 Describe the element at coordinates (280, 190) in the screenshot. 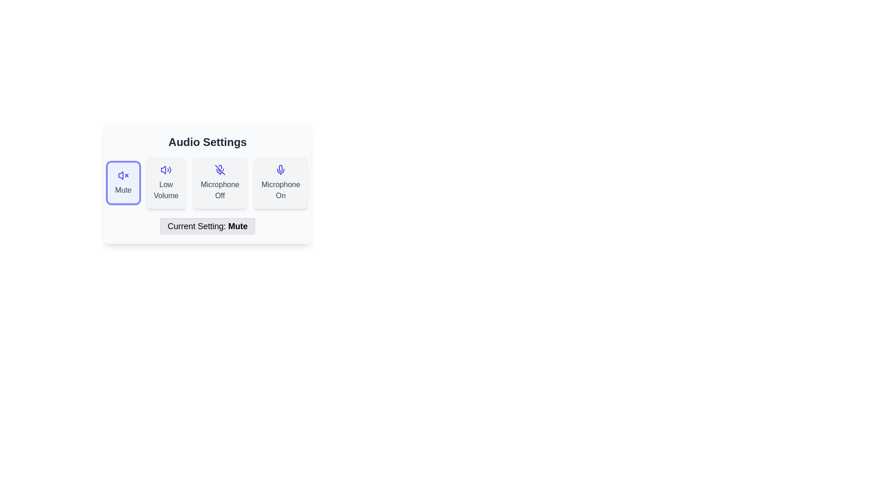

I see `the Text Label indicating the 'Microphone On' button in the 'Audio Settings' section, located in the top row, far right among four buttons` at that location.